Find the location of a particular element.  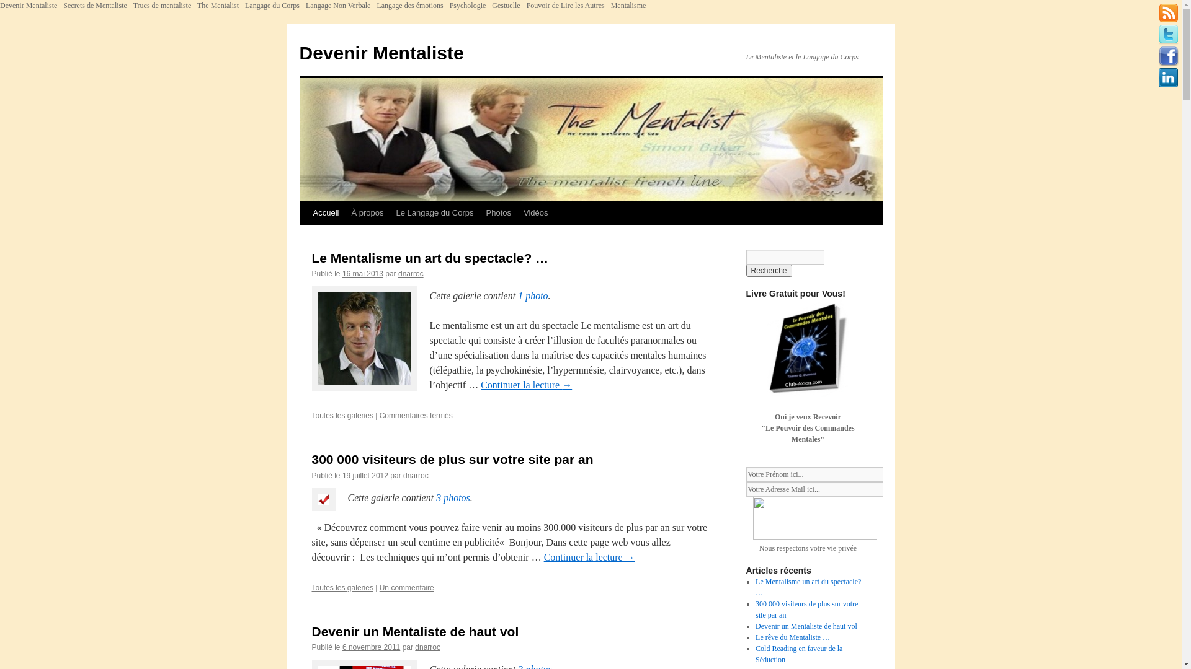

'Linkedin button' is located at coordinates (1167, 78).